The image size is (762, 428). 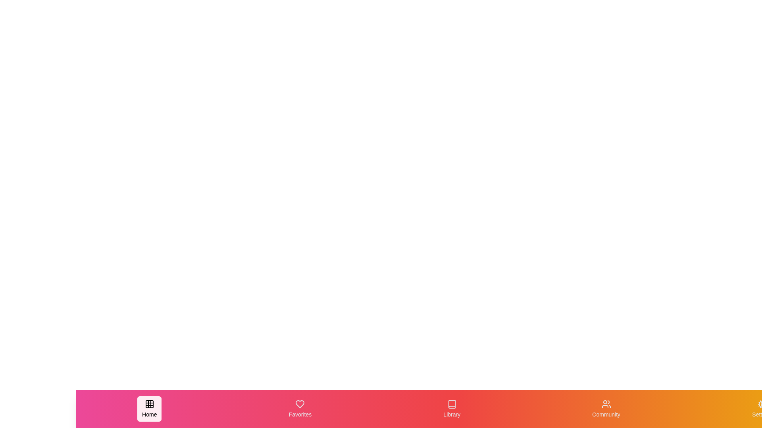 What do you see at coordinates (606, 409) in the screenshot?
I see `the navigation tab labeled Community` at bounding box center [606, 409].